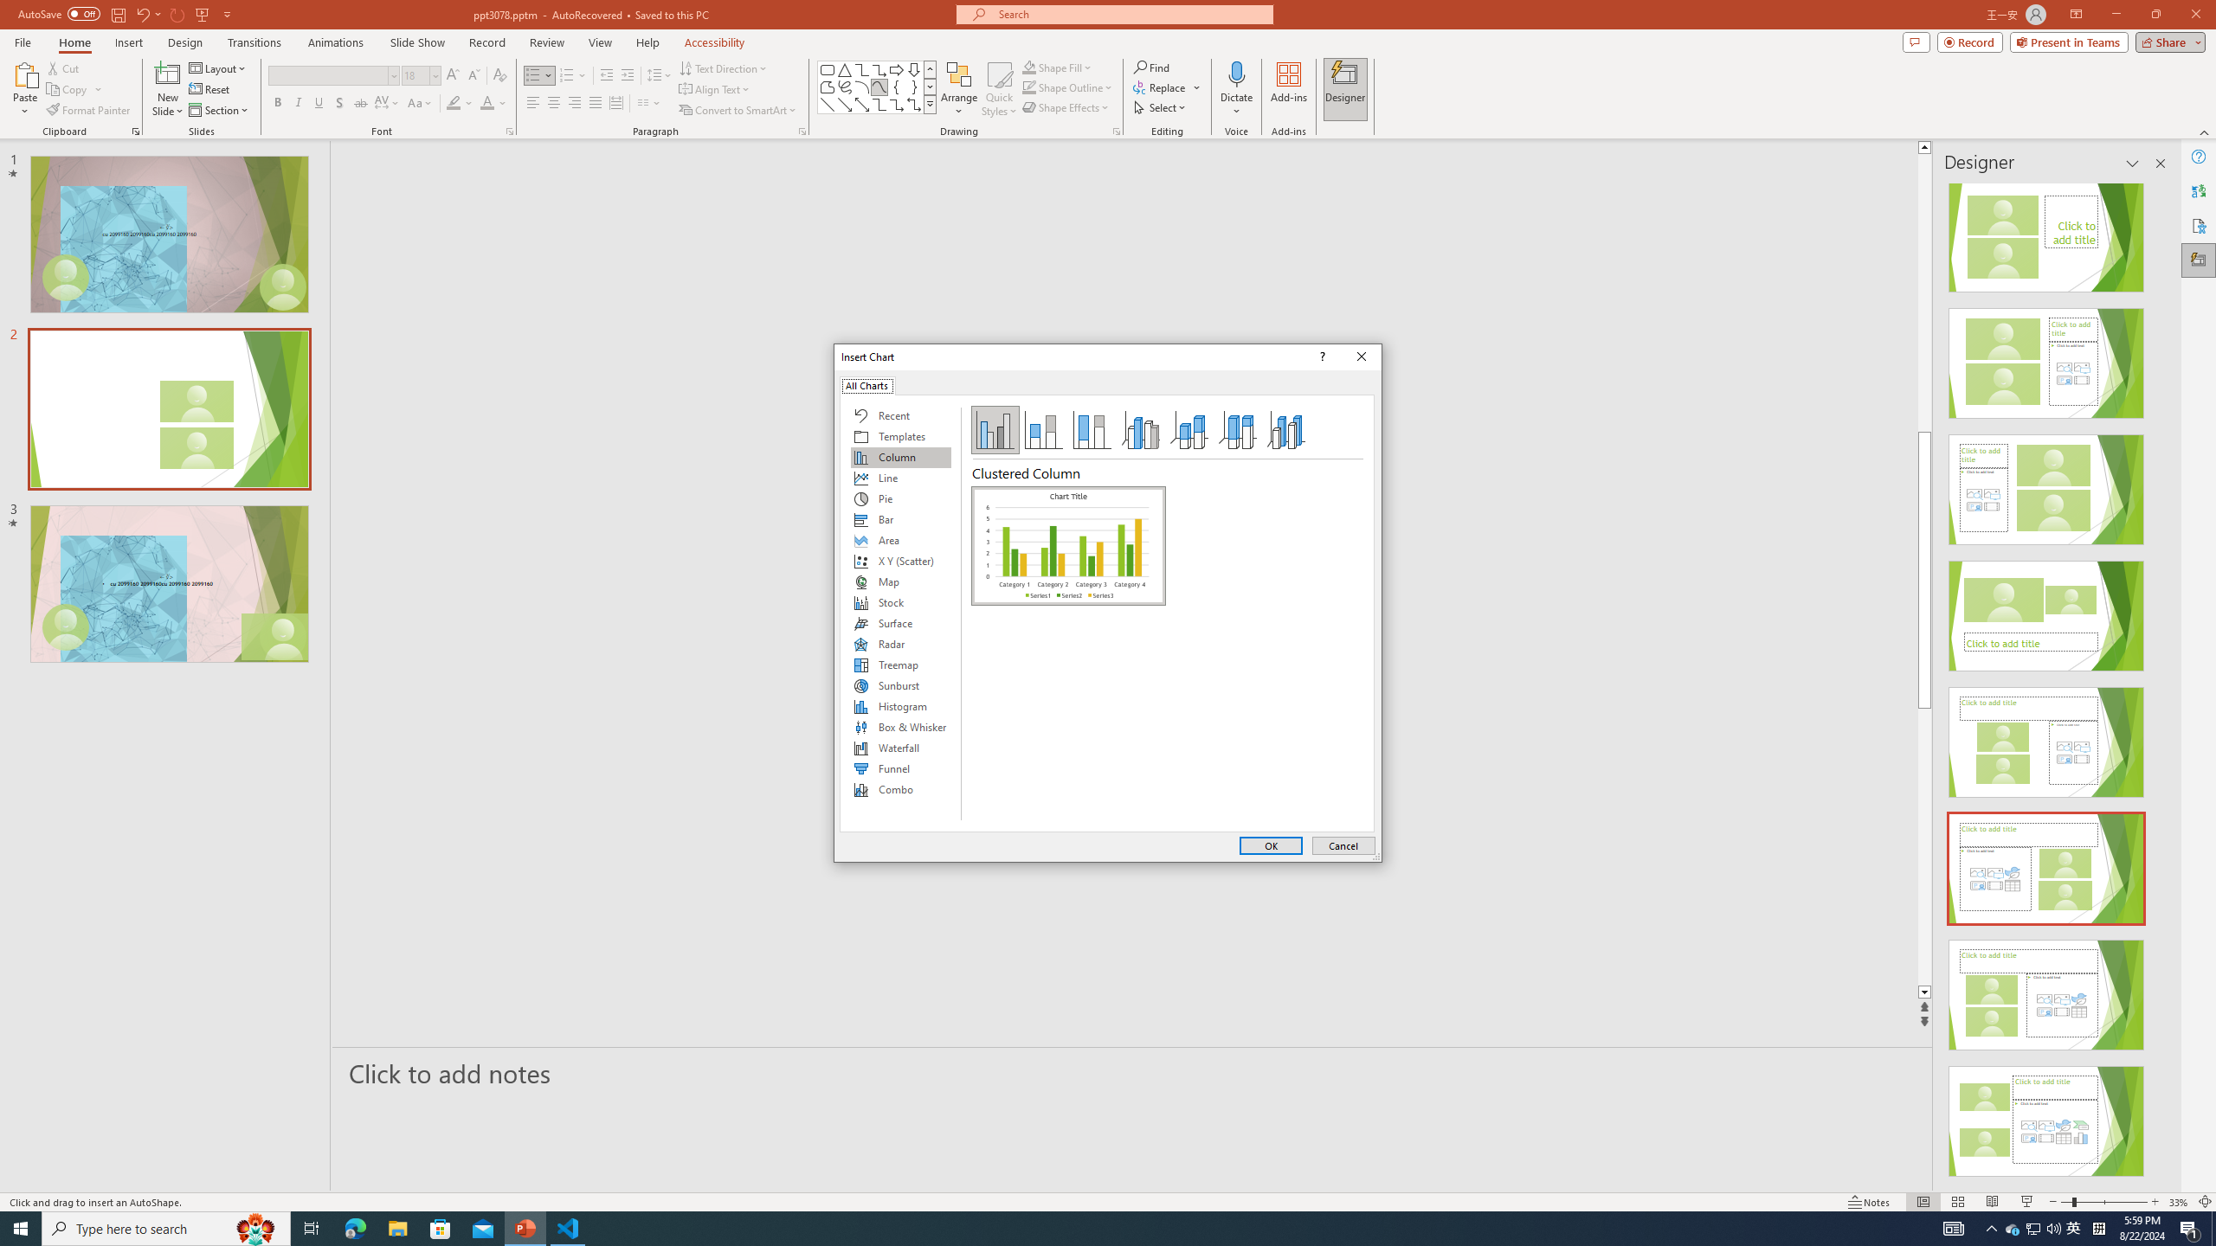 This screenshot has width=2216, height=1246. I want to click on 'Context help', so click(1319, 356).